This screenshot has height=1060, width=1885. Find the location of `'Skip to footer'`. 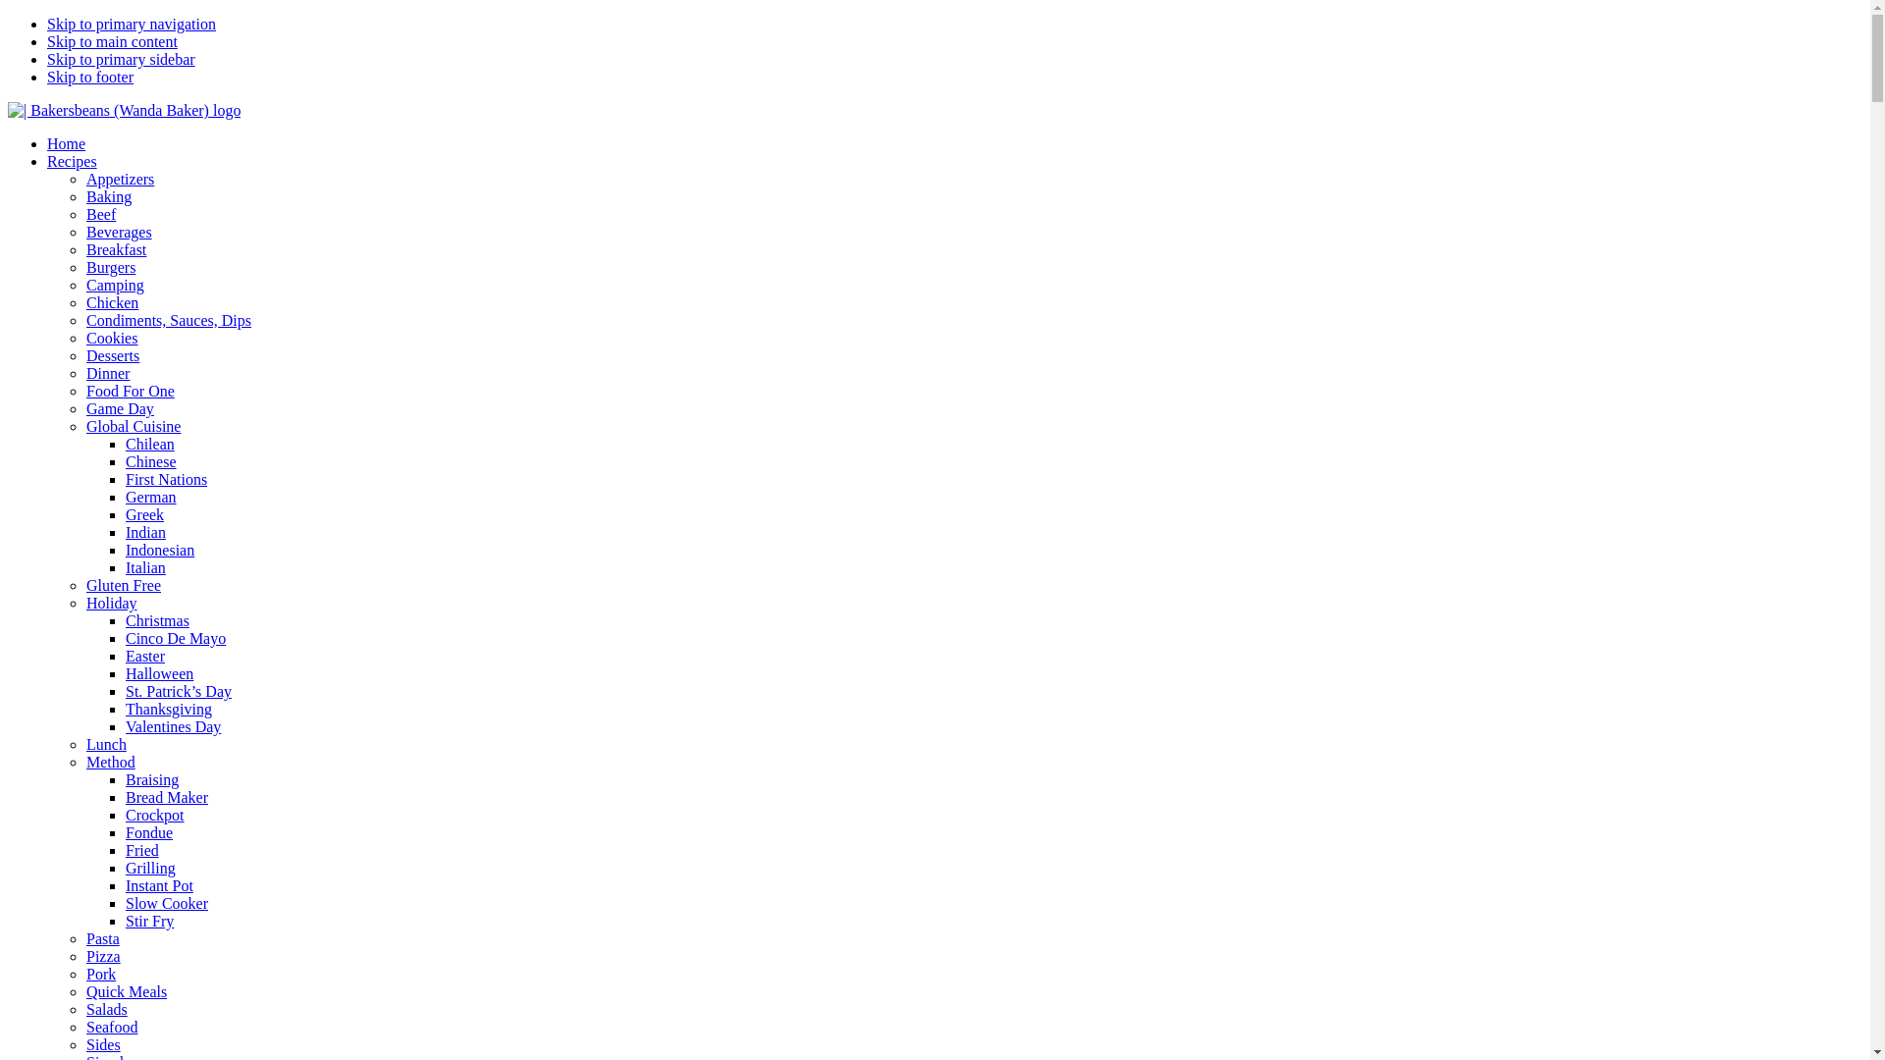

'Skip to footer' is located at coordinates (47, 76).